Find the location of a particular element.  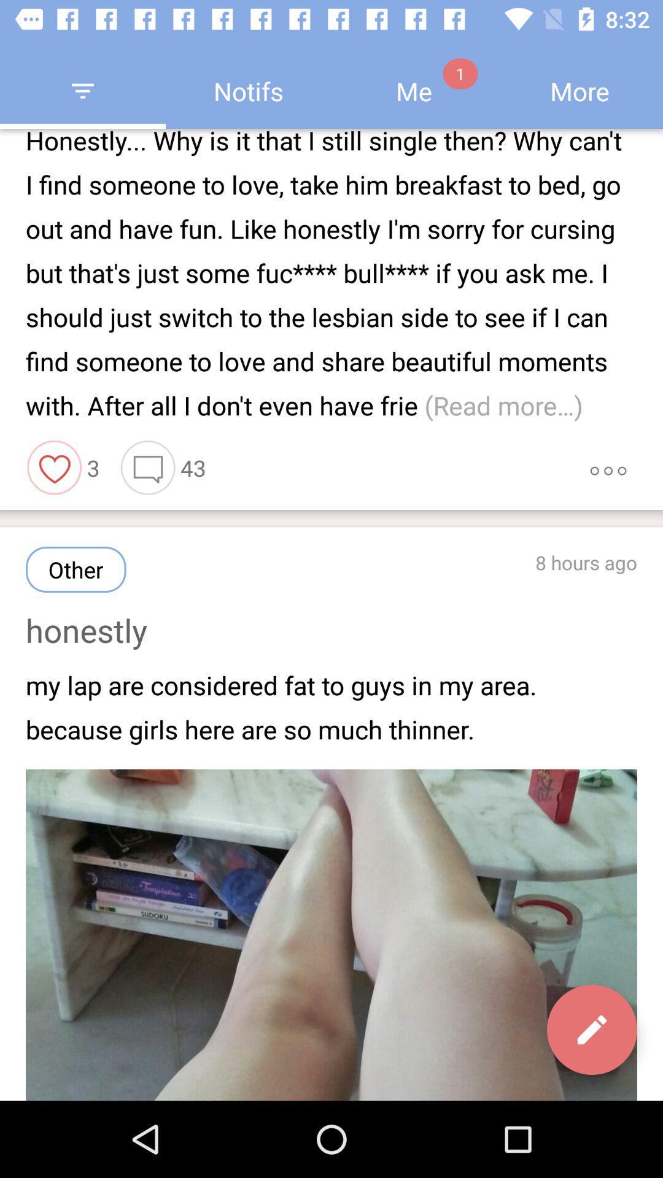

icon above other icon is located at coordinates (54, 467).